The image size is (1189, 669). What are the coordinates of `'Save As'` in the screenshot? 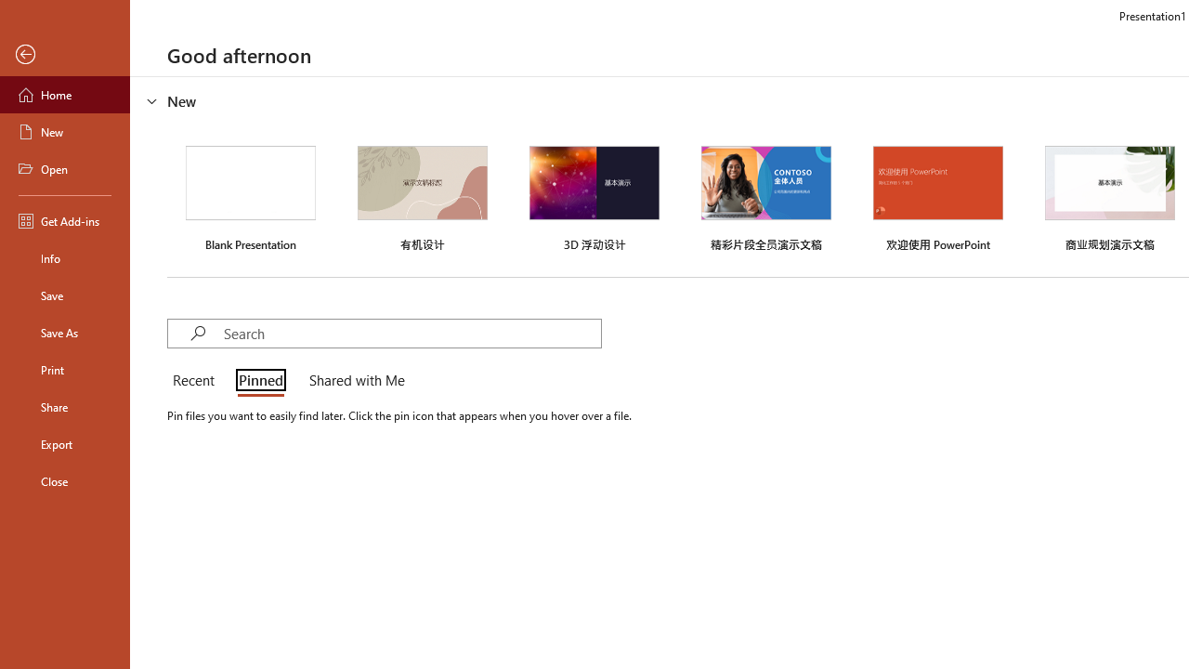 It's located at (64, 331).